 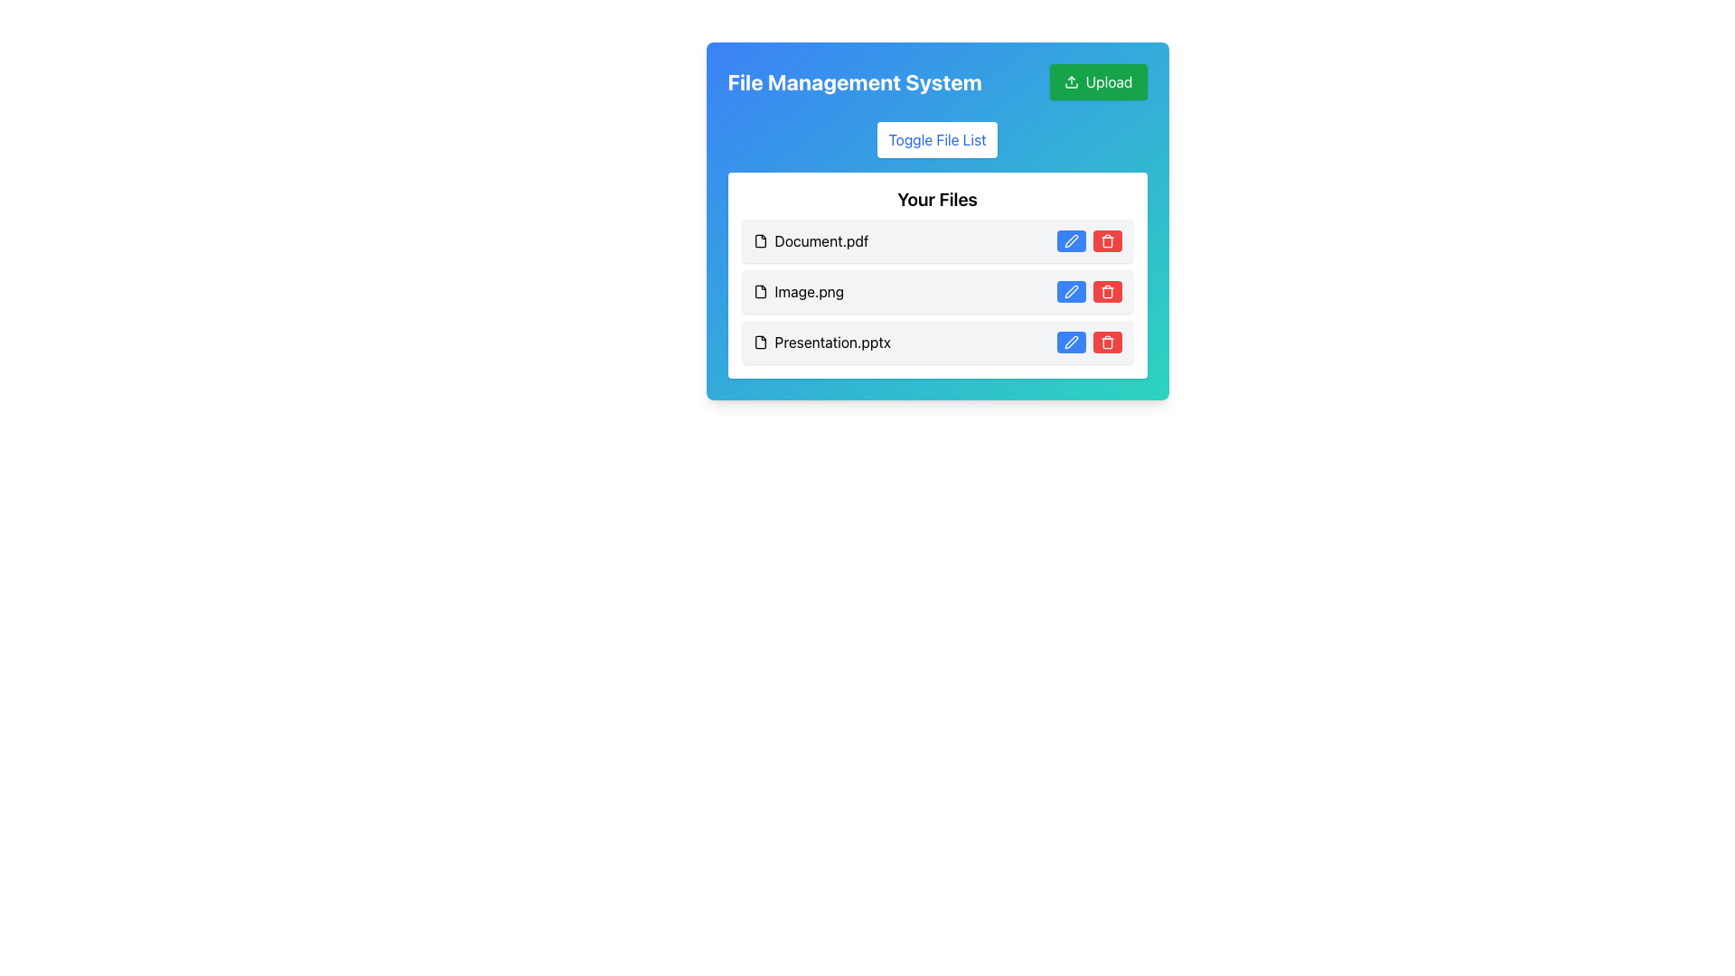 I want to click on the upload button located at the top-right corner of the interface, which is a green button displaying an upload icon and the text 'Upload', so click(x=1071, y=82).